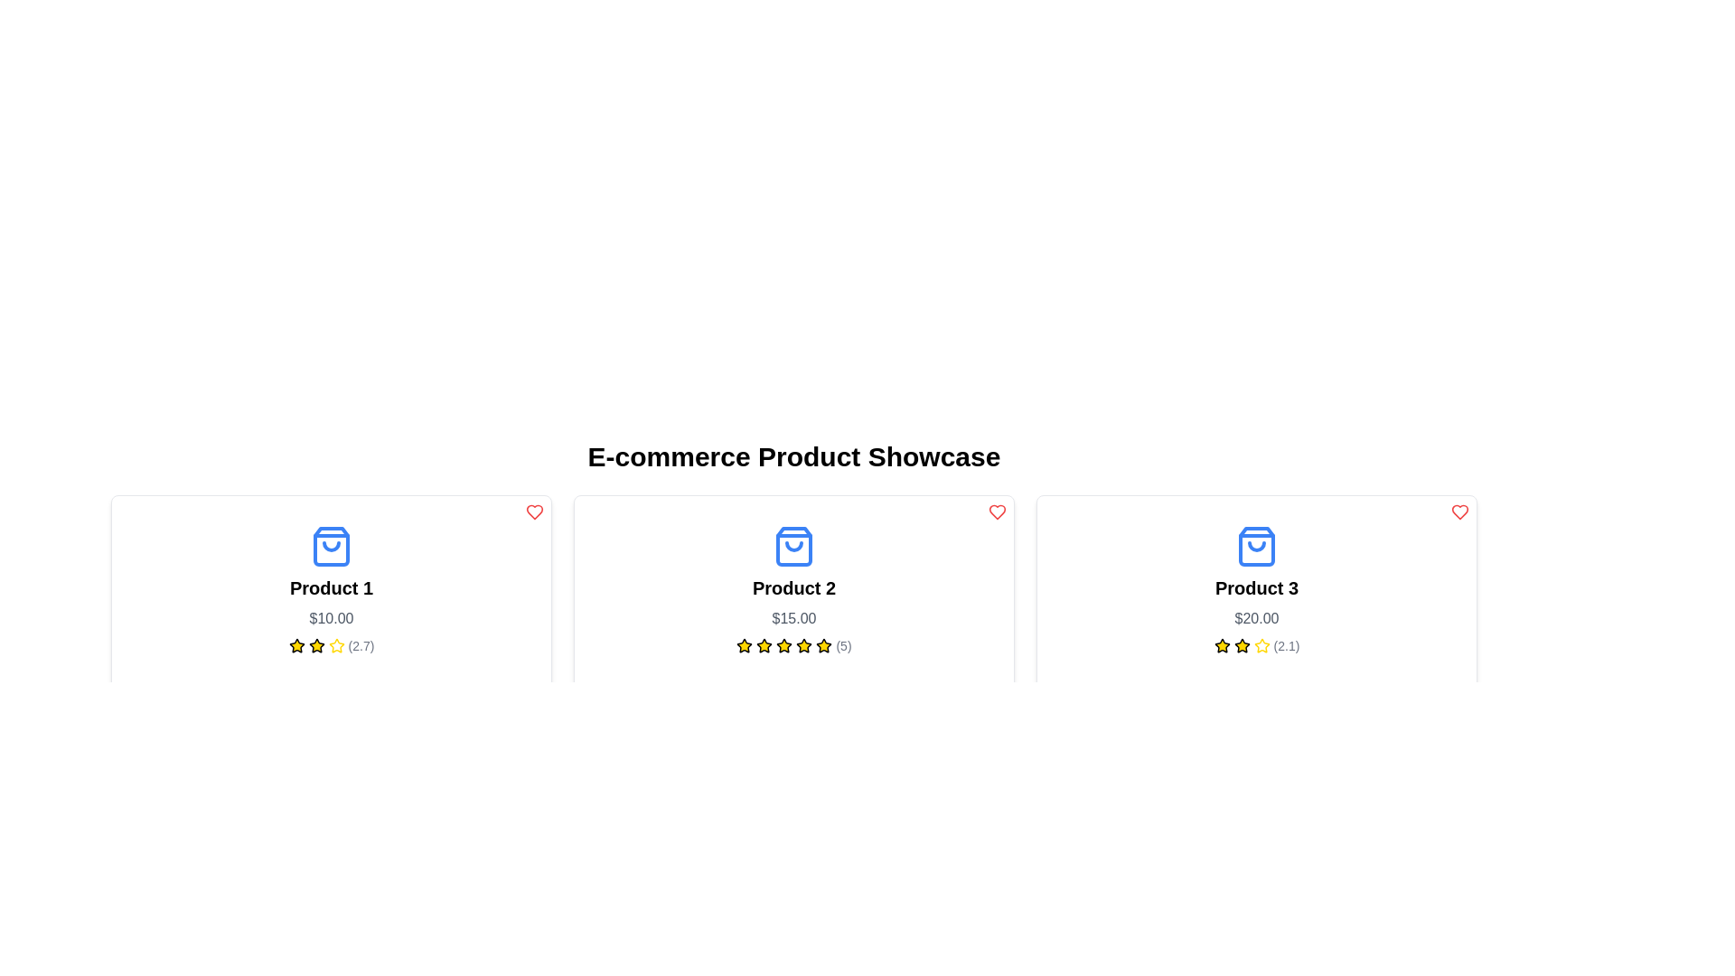 This screenshot has width=1735, height=976. What do you see at coordinates (1256, 618) in the screenshot?
I see `the text label displaying the price '$20.00' located in the third product card, positioned below 'Product 3' and above the star rating indicator` at bounding box center [1256, 618].